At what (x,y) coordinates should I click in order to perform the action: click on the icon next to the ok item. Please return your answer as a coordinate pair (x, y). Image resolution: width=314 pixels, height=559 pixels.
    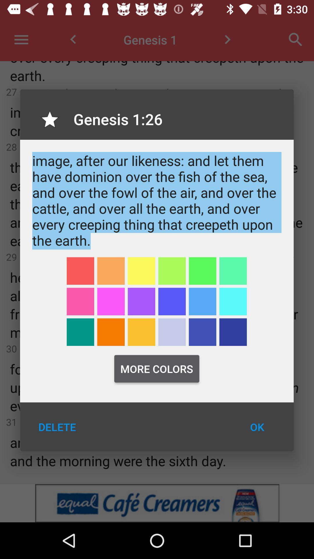
    Looking at the image, I should click on (57, 427).